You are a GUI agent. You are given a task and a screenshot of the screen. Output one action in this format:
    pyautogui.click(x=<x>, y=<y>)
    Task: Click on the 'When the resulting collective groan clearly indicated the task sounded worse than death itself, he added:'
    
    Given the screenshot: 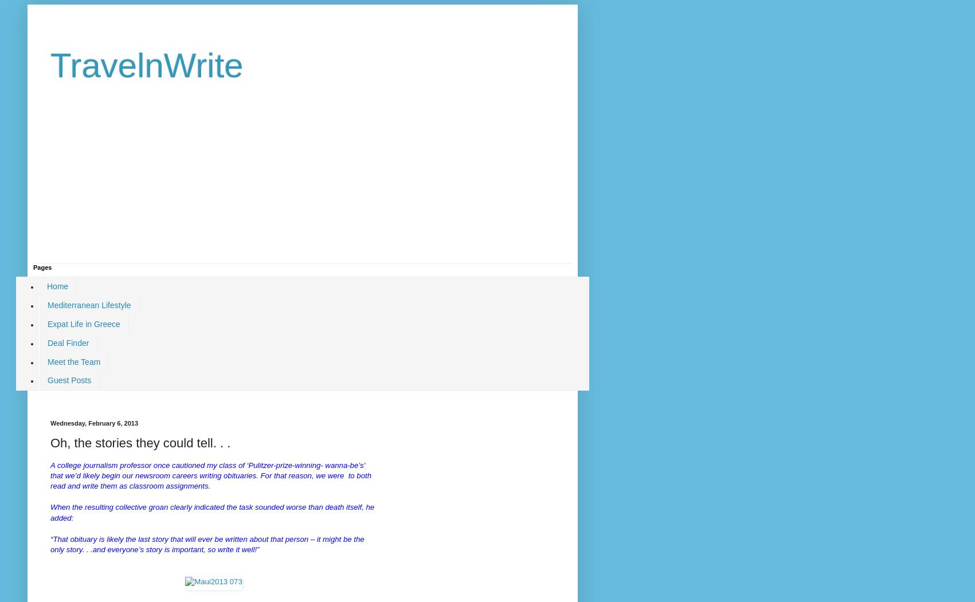 What is the action you would take?
    pyautogui.click(x=212, y=512)
    